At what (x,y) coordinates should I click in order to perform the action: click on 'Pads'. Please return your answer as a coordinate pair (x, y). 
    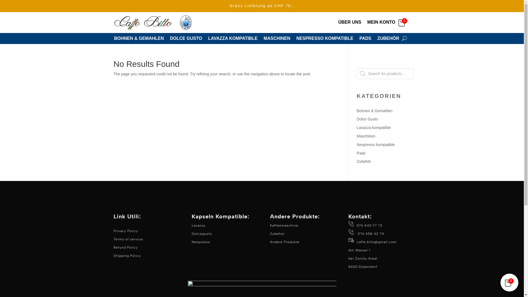
    Looking at the image, I should click on (361, 153).